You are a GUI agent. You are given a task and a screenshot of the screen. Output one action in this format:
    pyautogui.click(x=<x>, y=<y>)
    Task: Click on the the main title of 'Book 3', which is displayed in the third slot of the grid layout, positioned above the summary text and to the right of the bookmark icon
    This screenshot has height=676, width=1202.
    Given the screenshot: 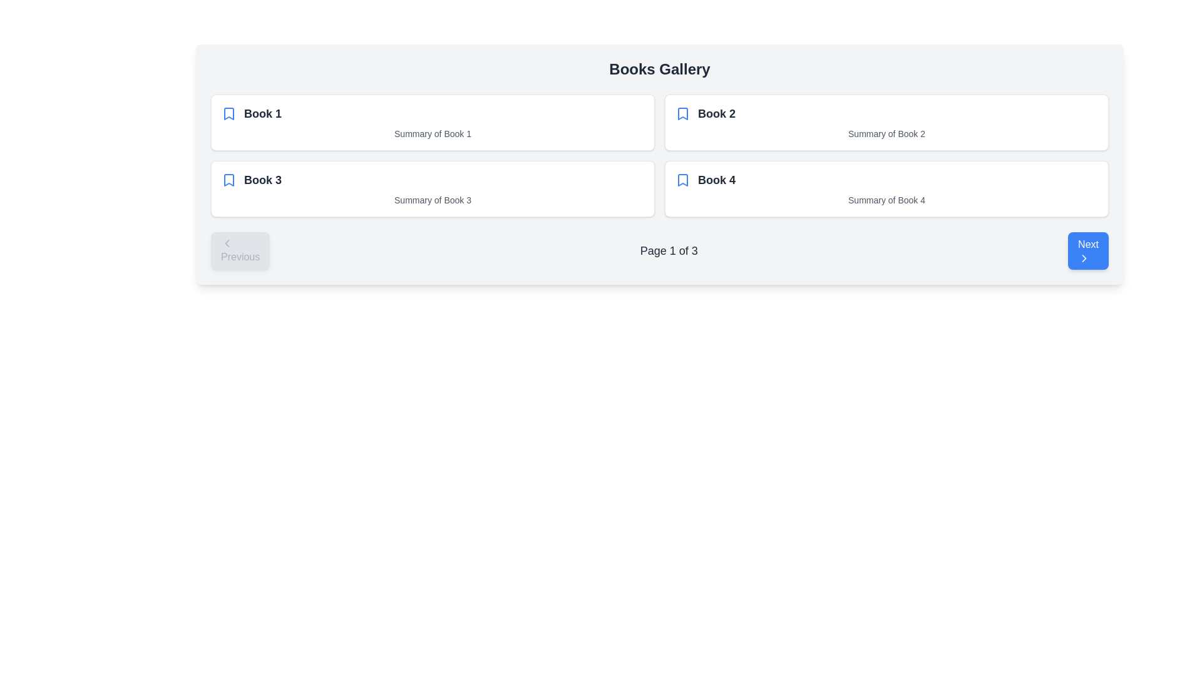 What is the action you would take?
    pyautogui.click(x=262, y=180)
    